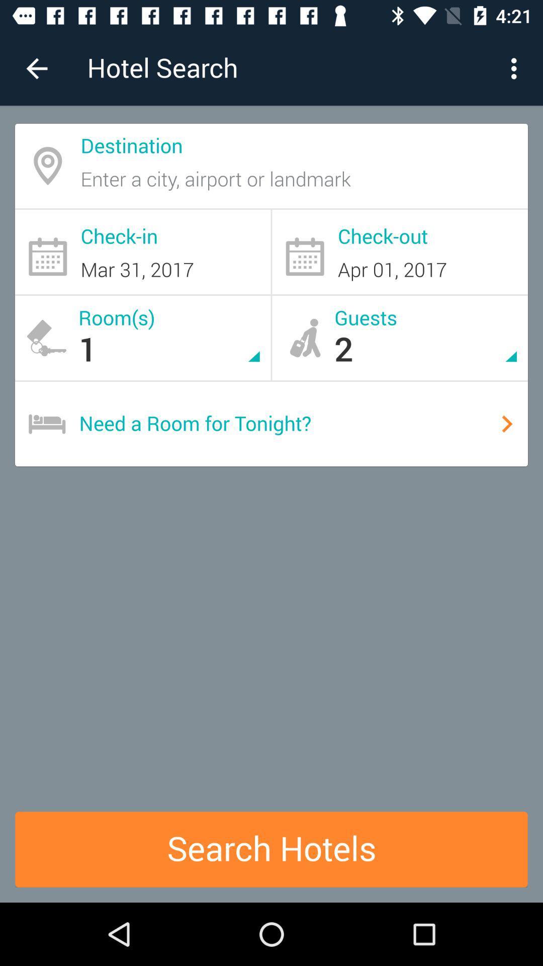 The image size is (543, 966). Describe the element at coordinates (36, 68) in the screenshot. I see `item next to hotel search` at that location.